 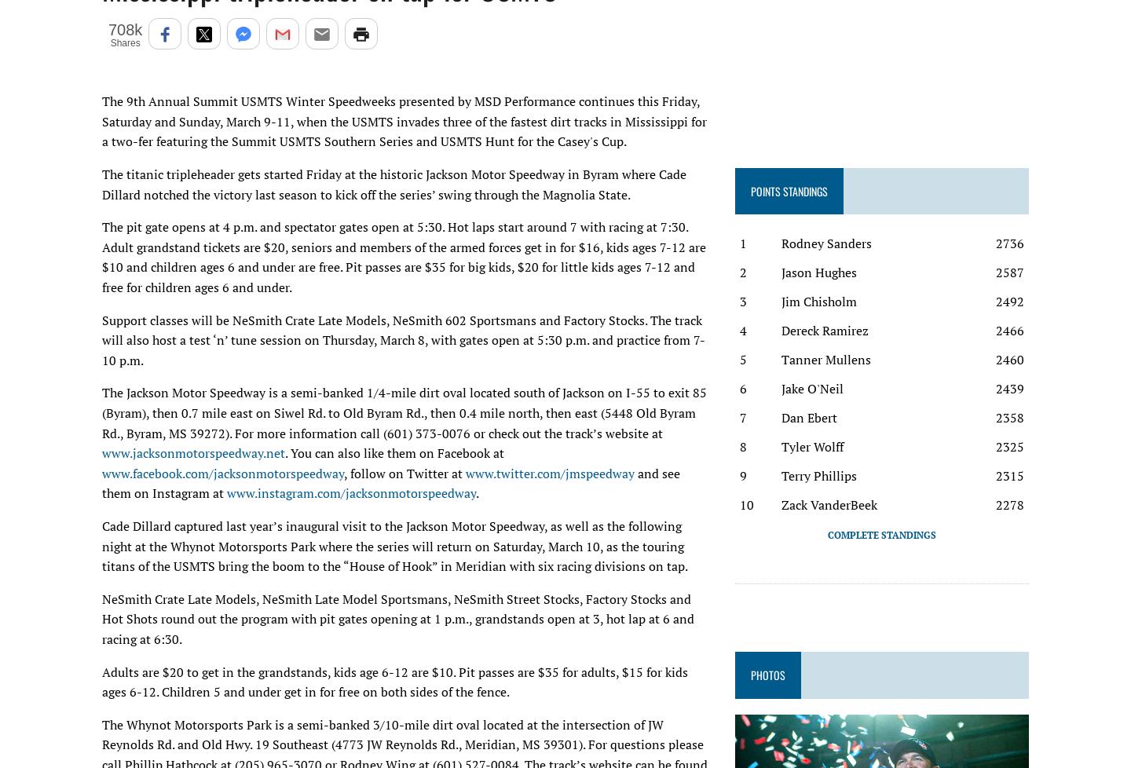 What do you see at coordinates (1009, 447) in the screenshot?
I see `'2325'` at bounding box center [1009, 447].